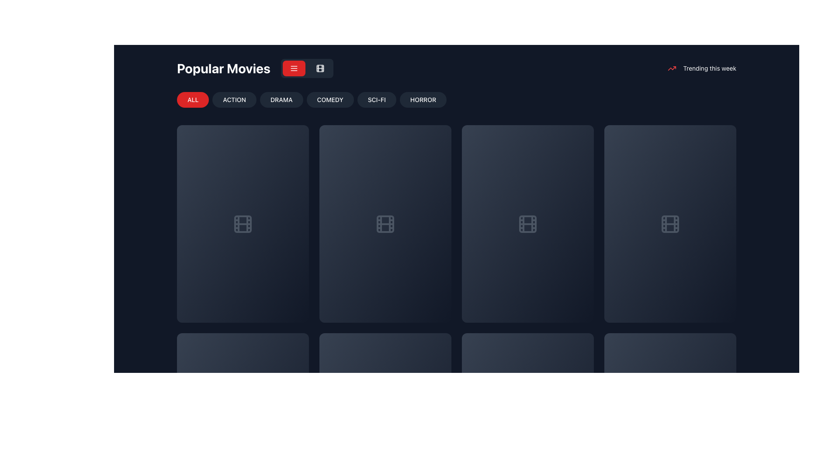 The width and height of the screenshot is (839, 471). What do you see at coordinates (527, 223) in the screenshot?
I see `the third movie card in the first row of the grid layout` at bounding box center [527, 223].